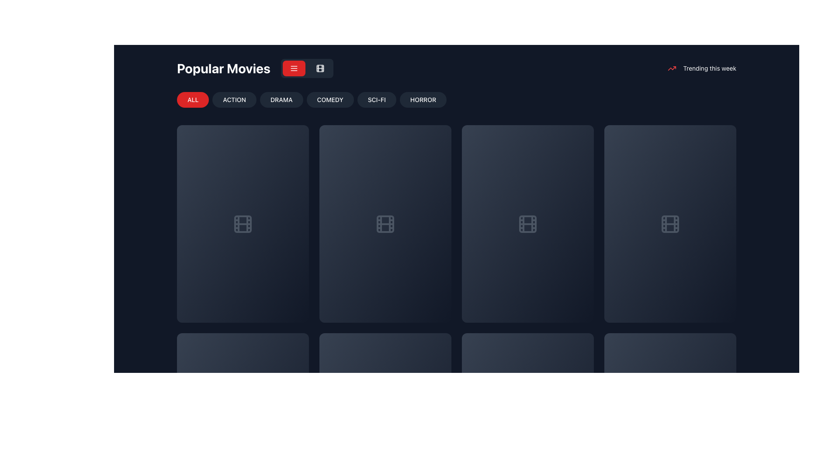 The width and height of the screenshot is (839, 471). What do you see at coordinates (527, 223) in the screenshot?
I see `the third movie card in the first row of the grid layout` at bounding box center [527, 223].